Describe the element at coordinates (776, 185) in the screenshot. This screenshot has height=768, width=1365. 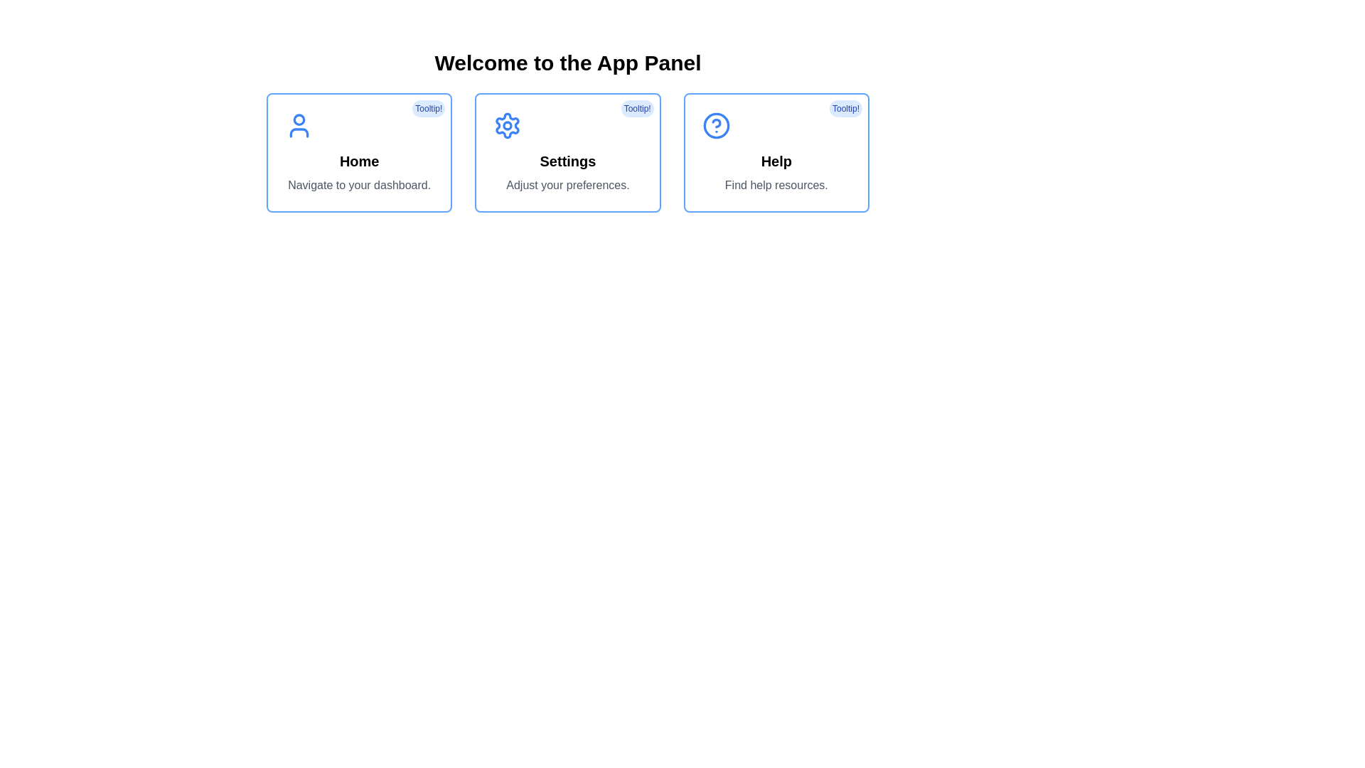
I see `text label that says 'Find help resources.' located at the bottom of the 'Help' card, which is the third card in a row of cards` at that location.